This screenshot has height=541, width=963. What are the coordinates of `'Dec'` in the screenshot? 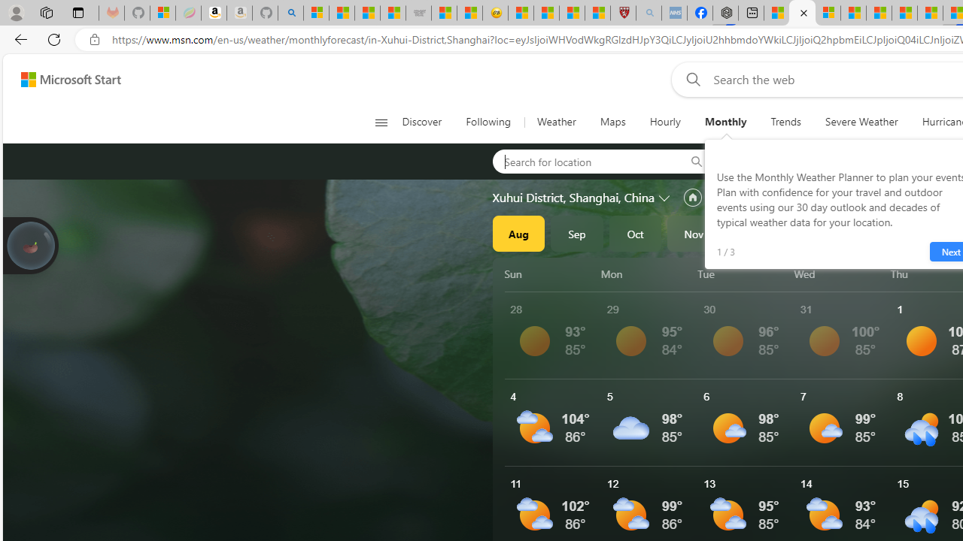 It's located at (752, 234).